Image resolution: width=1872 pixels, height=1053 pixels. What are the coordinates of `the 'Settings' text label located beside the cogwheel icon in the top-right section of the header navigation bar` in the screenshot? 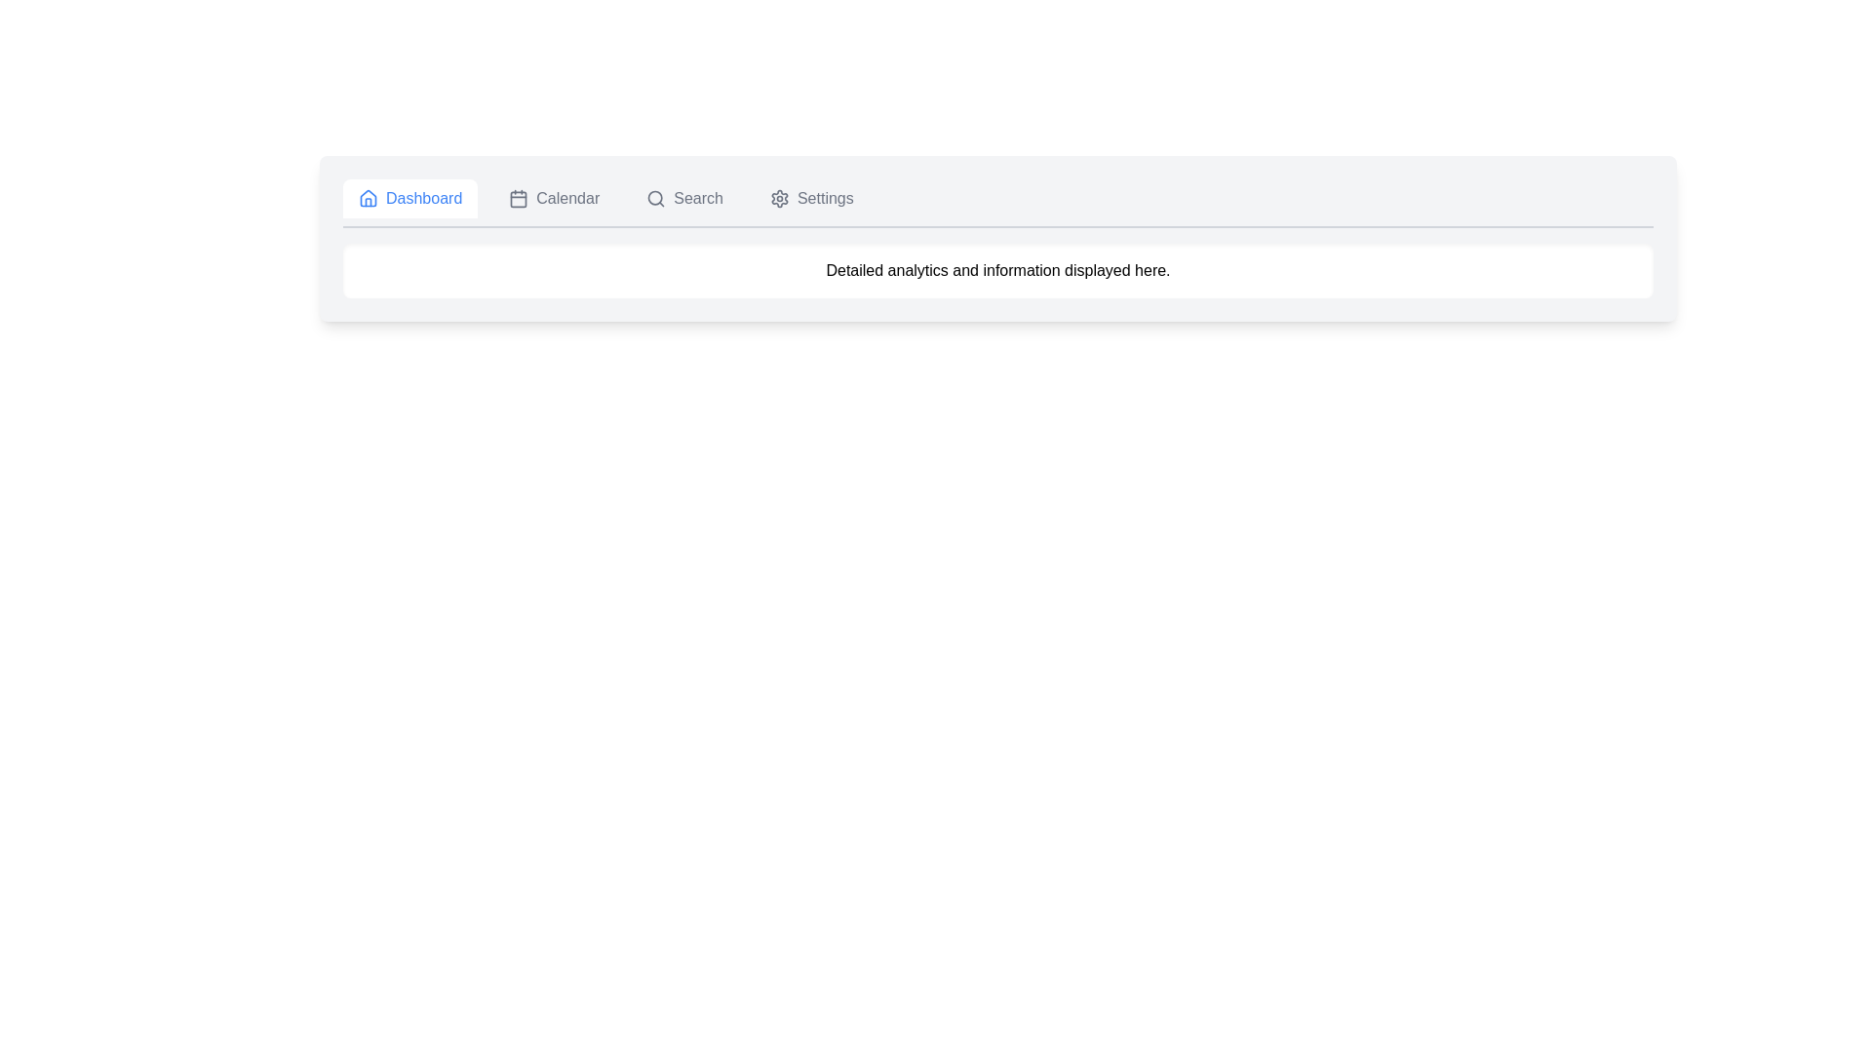 It's located at (825, 199).